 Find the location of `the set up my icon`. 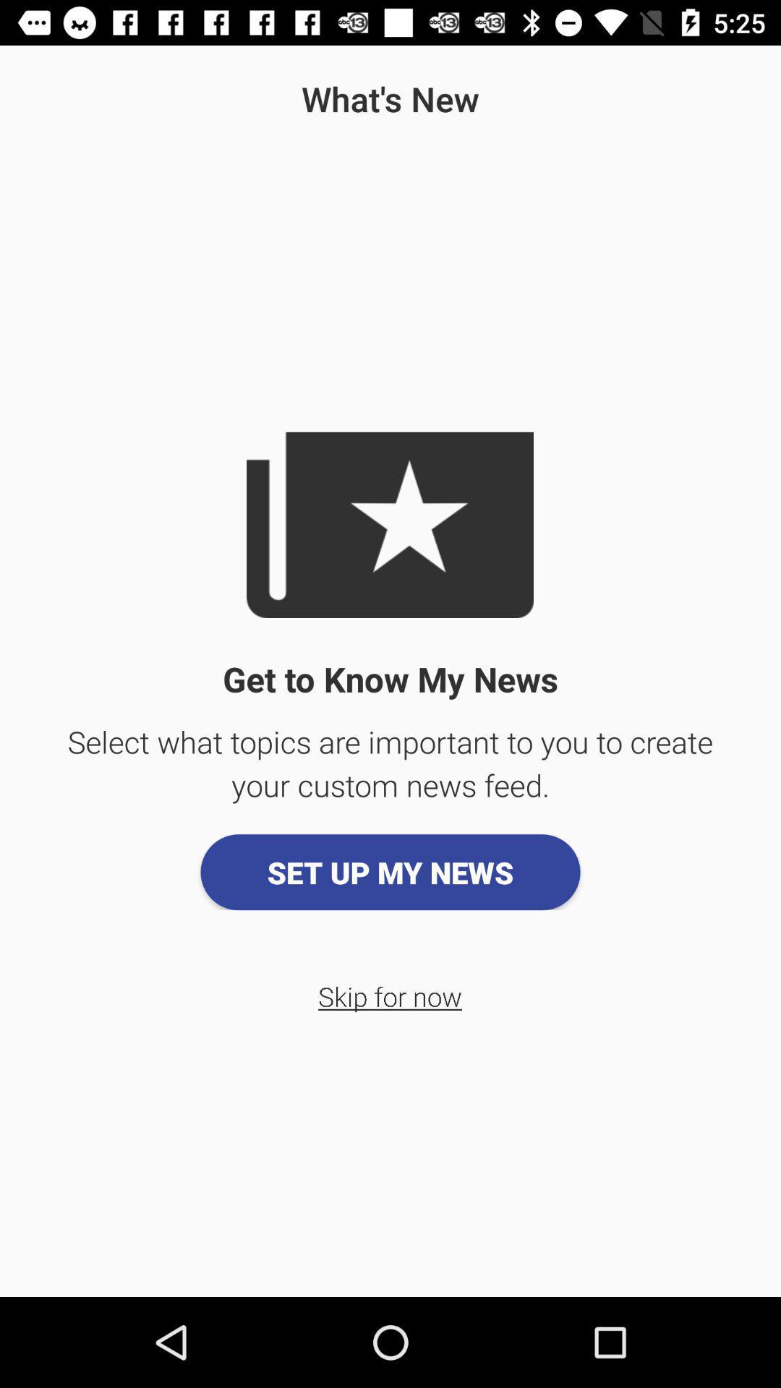

the set up my icon is located at coordinates (390, 871).